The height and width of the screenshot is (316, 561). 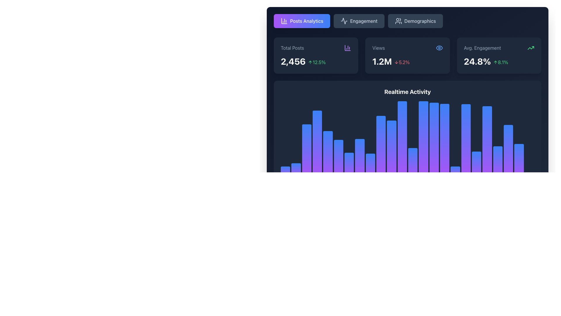 I want to click on the 20th bar in the bar chart under the 'Realtime Activity' title, so click(x=487, y=147).